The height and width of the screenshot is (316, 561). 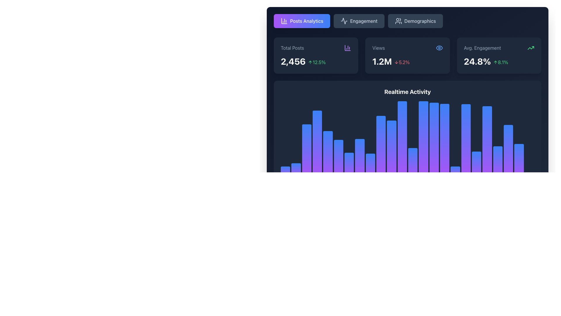 I want to click on the 20th bar in the bar chart under the 'Realtime Activity' title, so click(x=487, y=147).